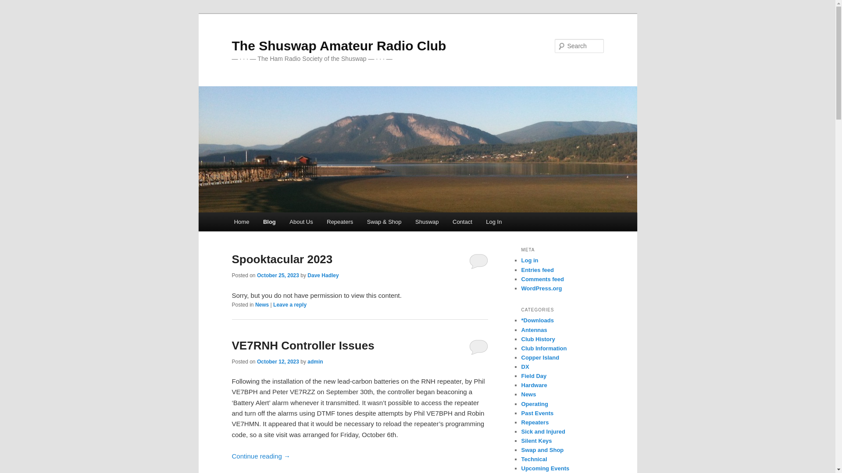 Image resolution: width=842 pixels, height=473 pixels. I want to click on 'Log In', so click(479, 221).